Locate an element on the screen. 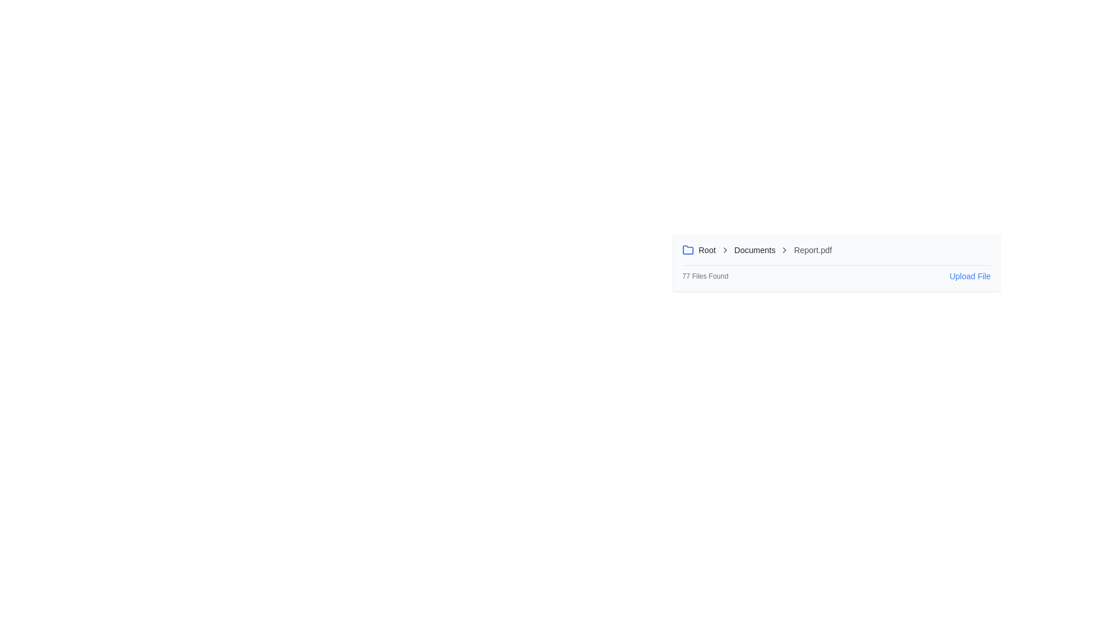 The image size is (1115, 627). the folder icon located is located at coordinates (688, 248).